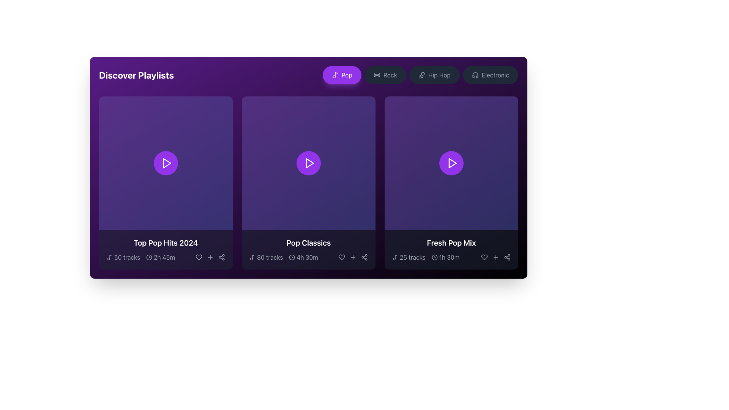 The image size is (729, 410). What do you see at coordinates (149, 257) in the screenshot?
I see `the small circular clock icon located in the first playlist card's metadata section, adjacent to the duration text '2h 45m'` at bounding box center [149, 257].